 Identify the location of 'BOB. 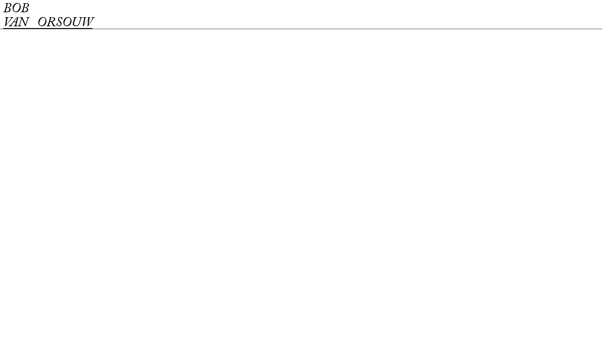
(47, 16).